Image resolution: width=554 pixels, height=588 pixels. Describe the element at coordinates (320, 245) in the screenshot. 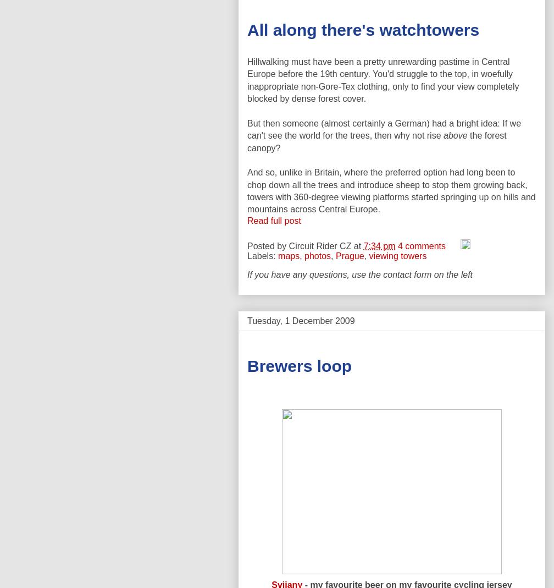

I see `'Circuit Rider CZ'` at that location.